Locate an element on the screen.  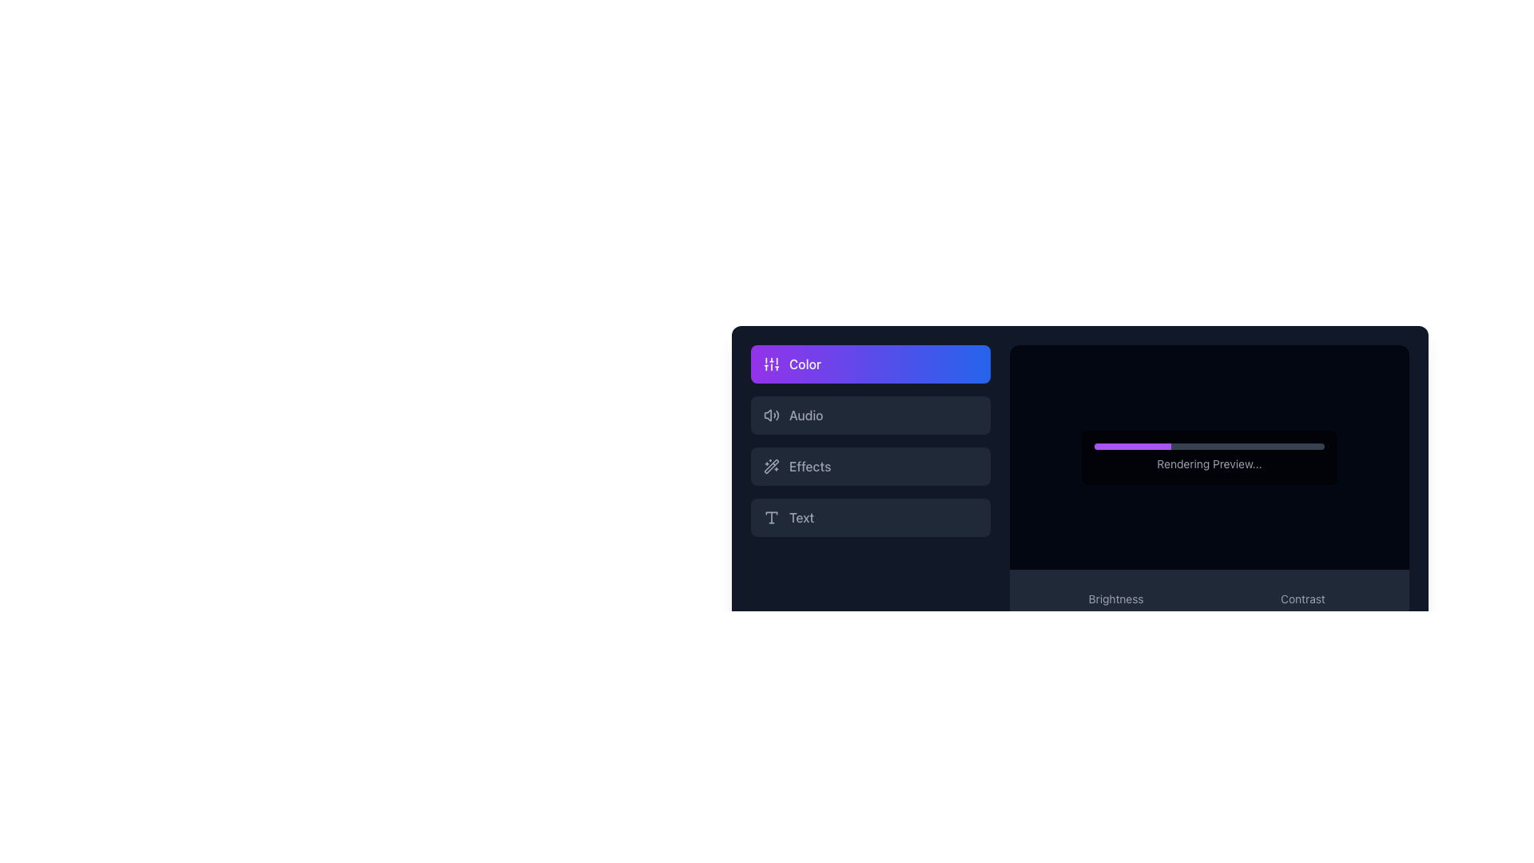
the slider is located at coordinates (1103, 620).